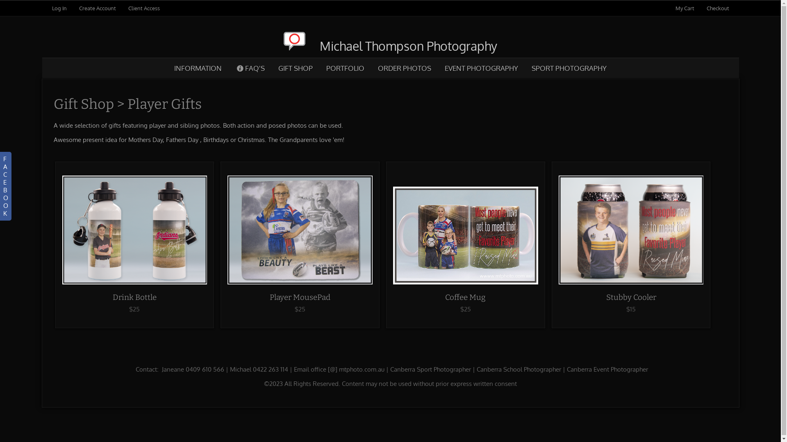 Image resolution: width=787 pixels, height=442 pixels. What do you see at coordinates (717, 8) in the screenshot?
I see `'Checkout'` at bounding box center [717, 8].